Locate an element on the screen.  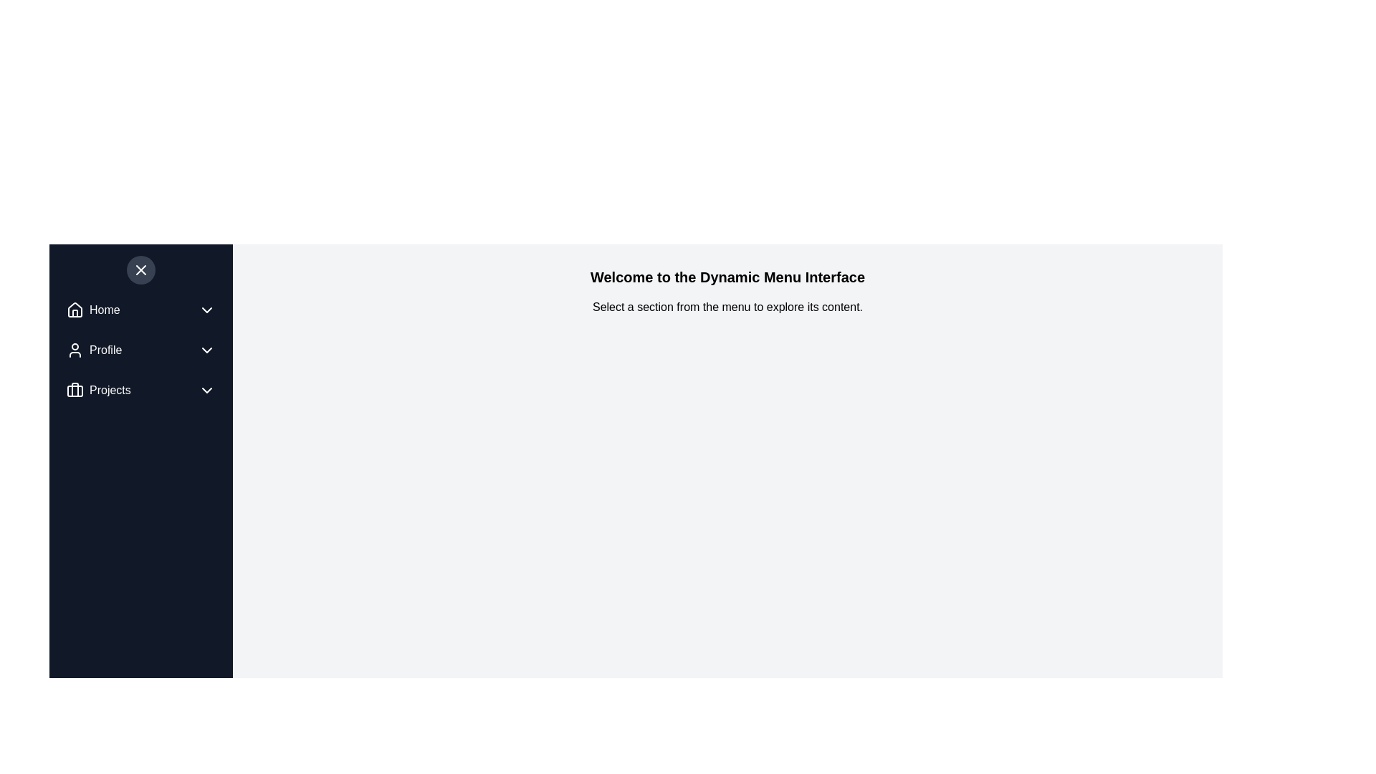
the 'Profile' text label in the side navigation panel is located at coordinates (105, 350).